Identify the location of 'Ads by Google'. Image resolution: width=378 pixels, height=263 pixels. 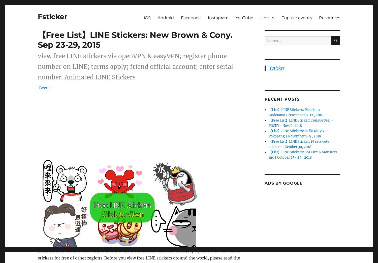
(283, 183).